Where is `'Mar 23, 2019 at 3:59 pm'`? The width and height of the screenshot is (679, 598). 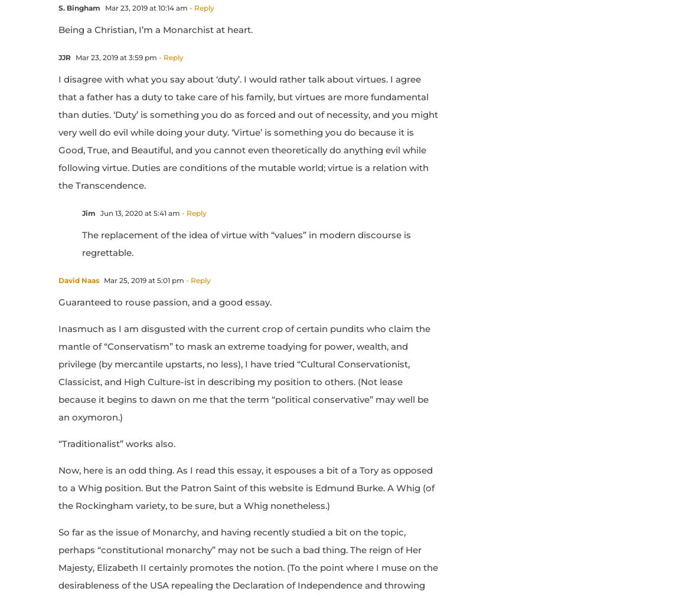 'Mar 23, 2019 at 3:59 pm' is located at coordinates (115, 57).